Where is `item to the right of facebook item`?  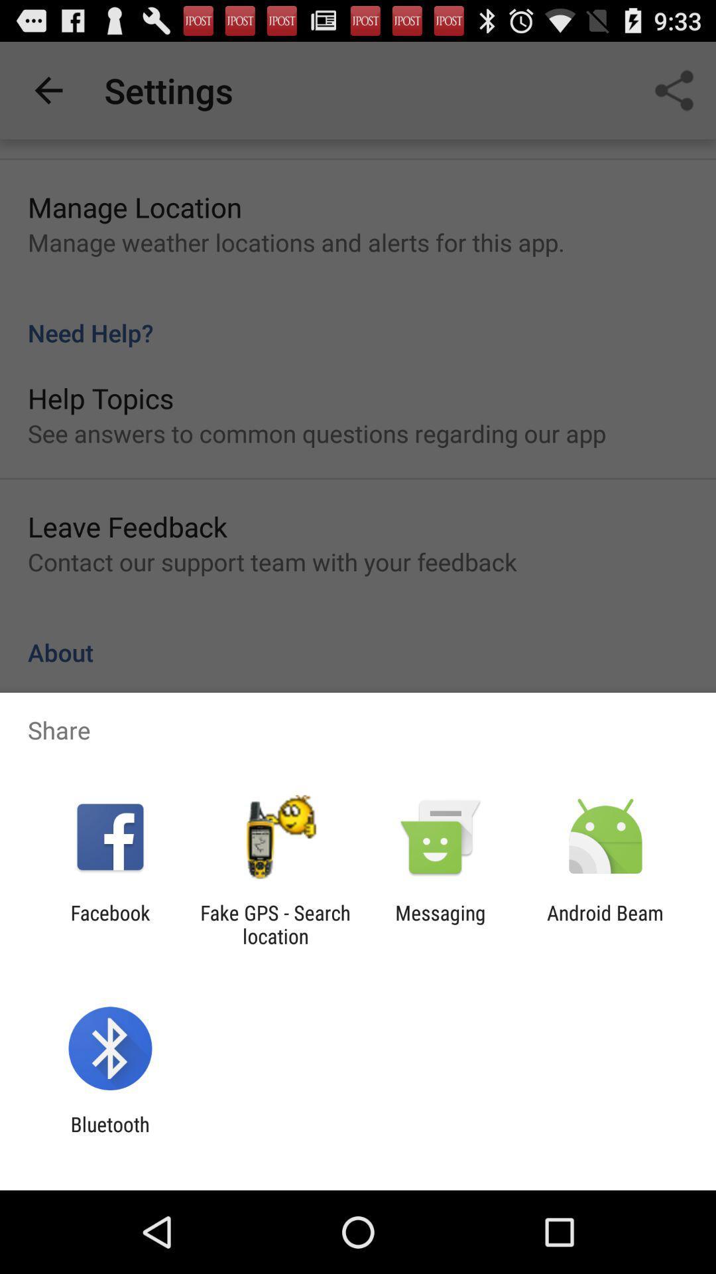
item to the right of facebook item is located at coordinates (274, 924).